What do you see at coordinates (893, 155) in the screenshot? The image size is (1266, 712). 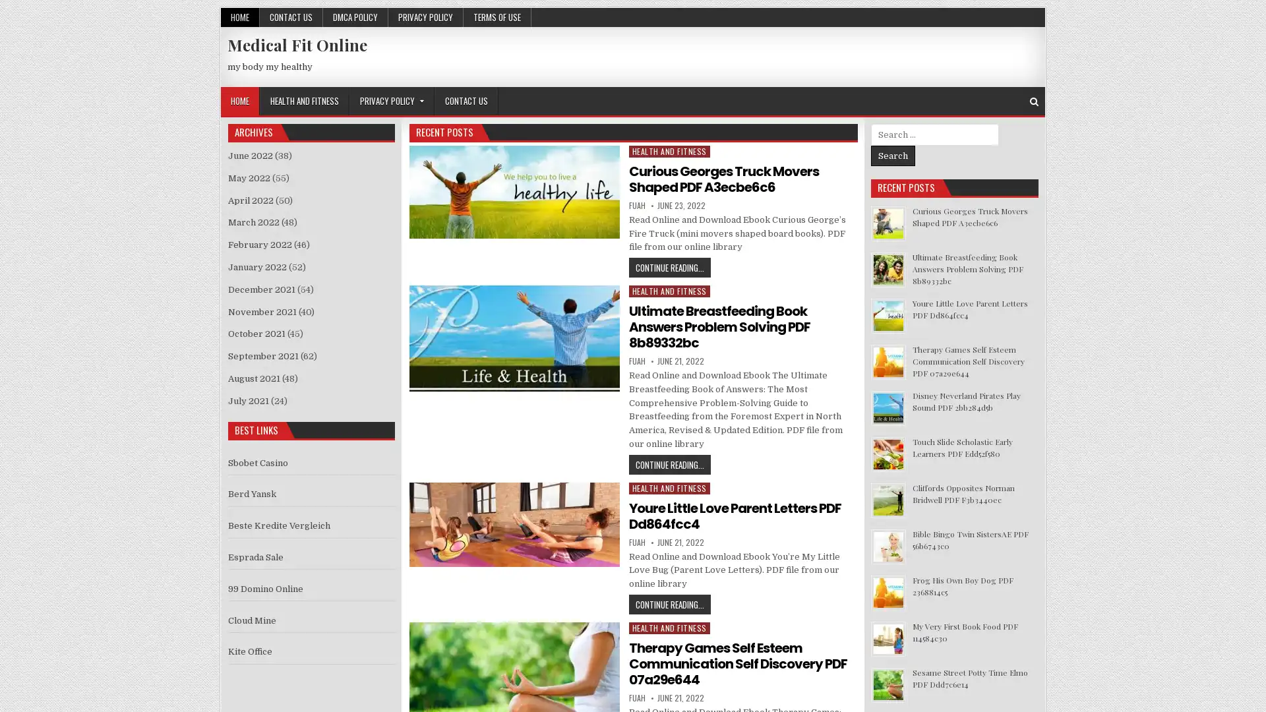 I see `Search` at bounding box center [893, 155].